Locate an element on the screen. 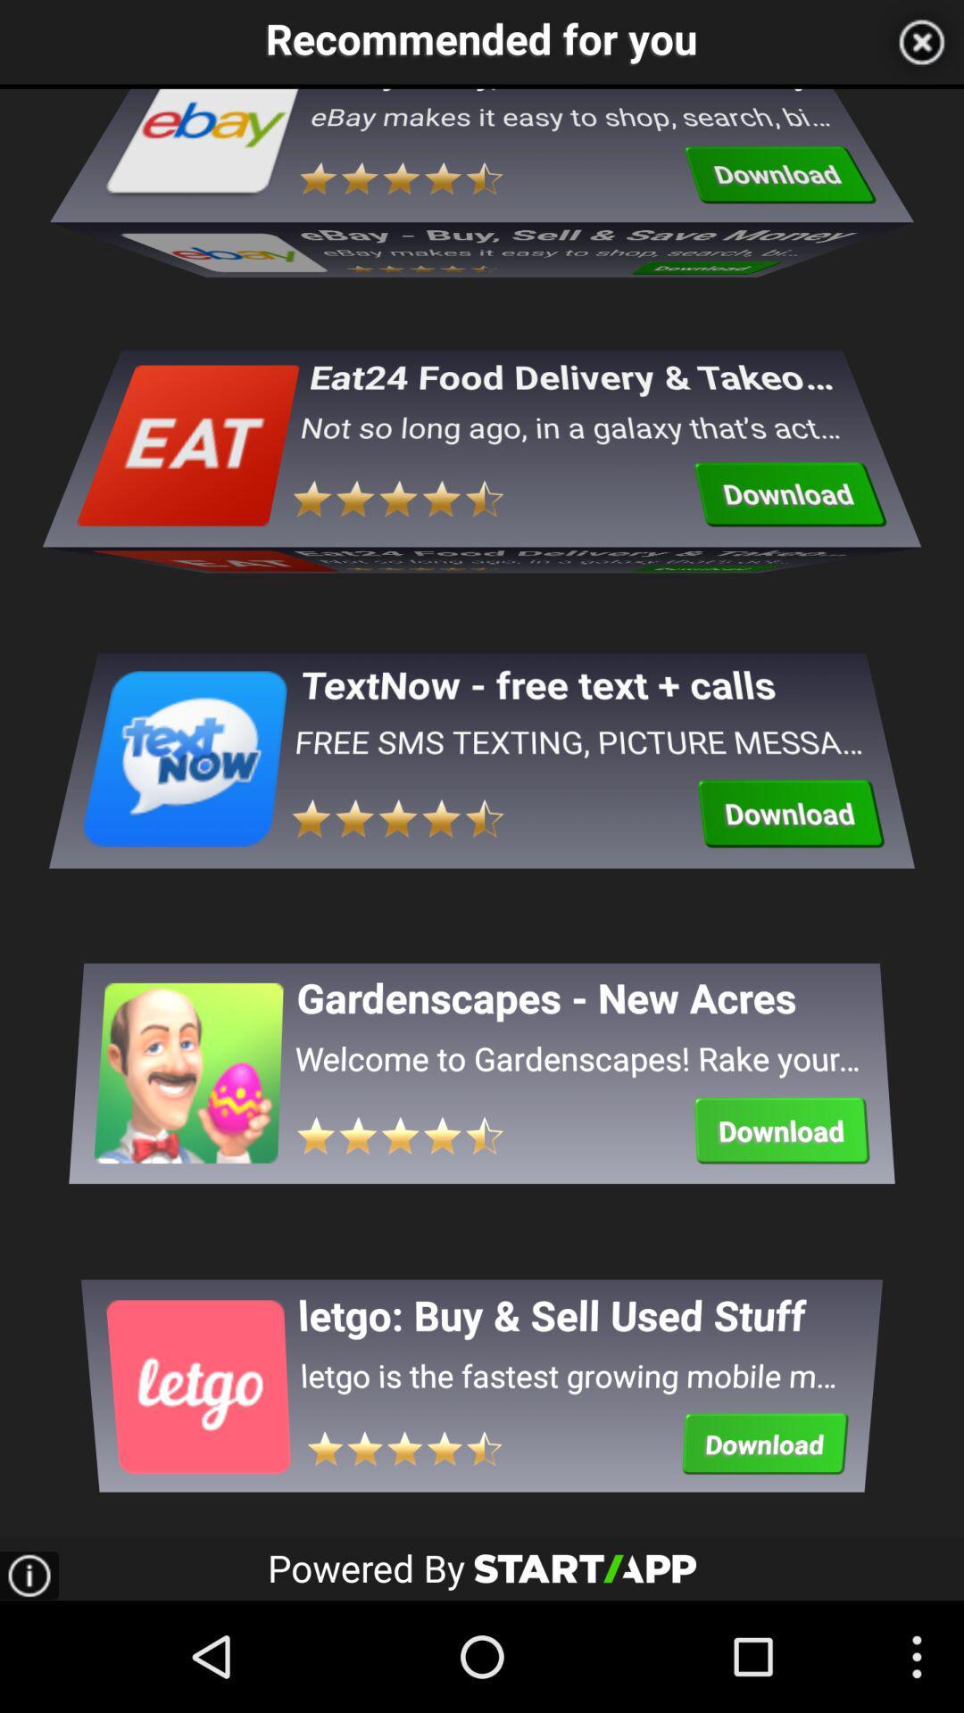 The height and width of the screenshot is (1713, 964). the close icon is located at coordinates (921, 45).